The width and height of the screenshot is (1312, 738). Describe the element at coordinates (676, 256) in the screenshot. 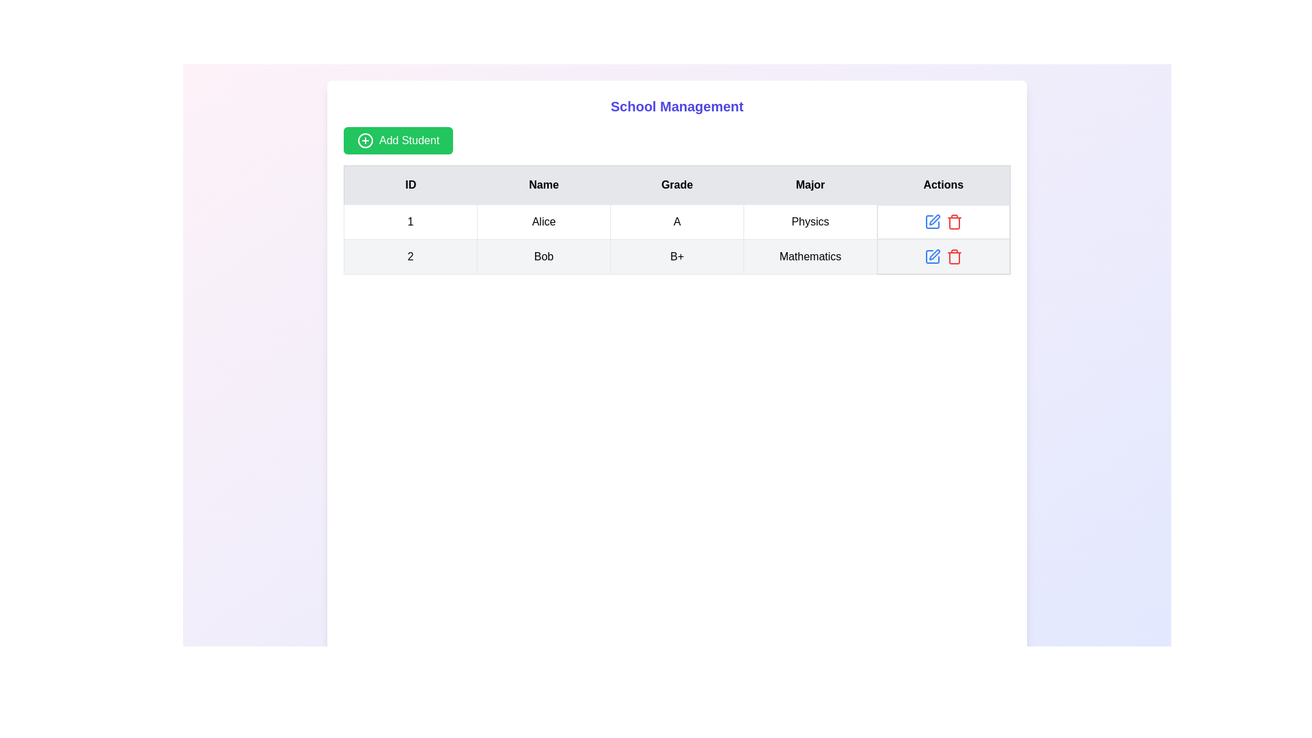

I see `on the table cell displaying the grade information for the student named 'Bob' located in the third column of the second row` at that location.